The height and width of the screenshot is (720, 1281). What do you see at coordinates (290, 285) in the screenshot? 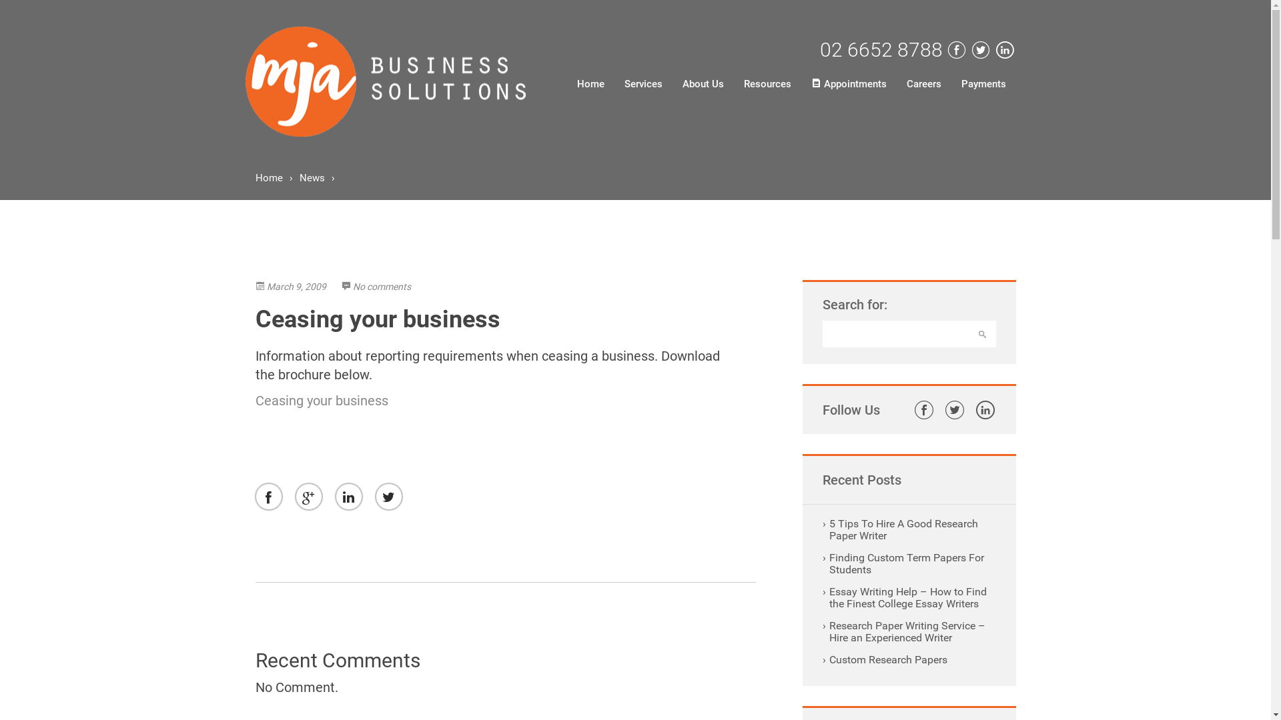
I see `'March 9, 2009'` at bounding box center [290, 285].